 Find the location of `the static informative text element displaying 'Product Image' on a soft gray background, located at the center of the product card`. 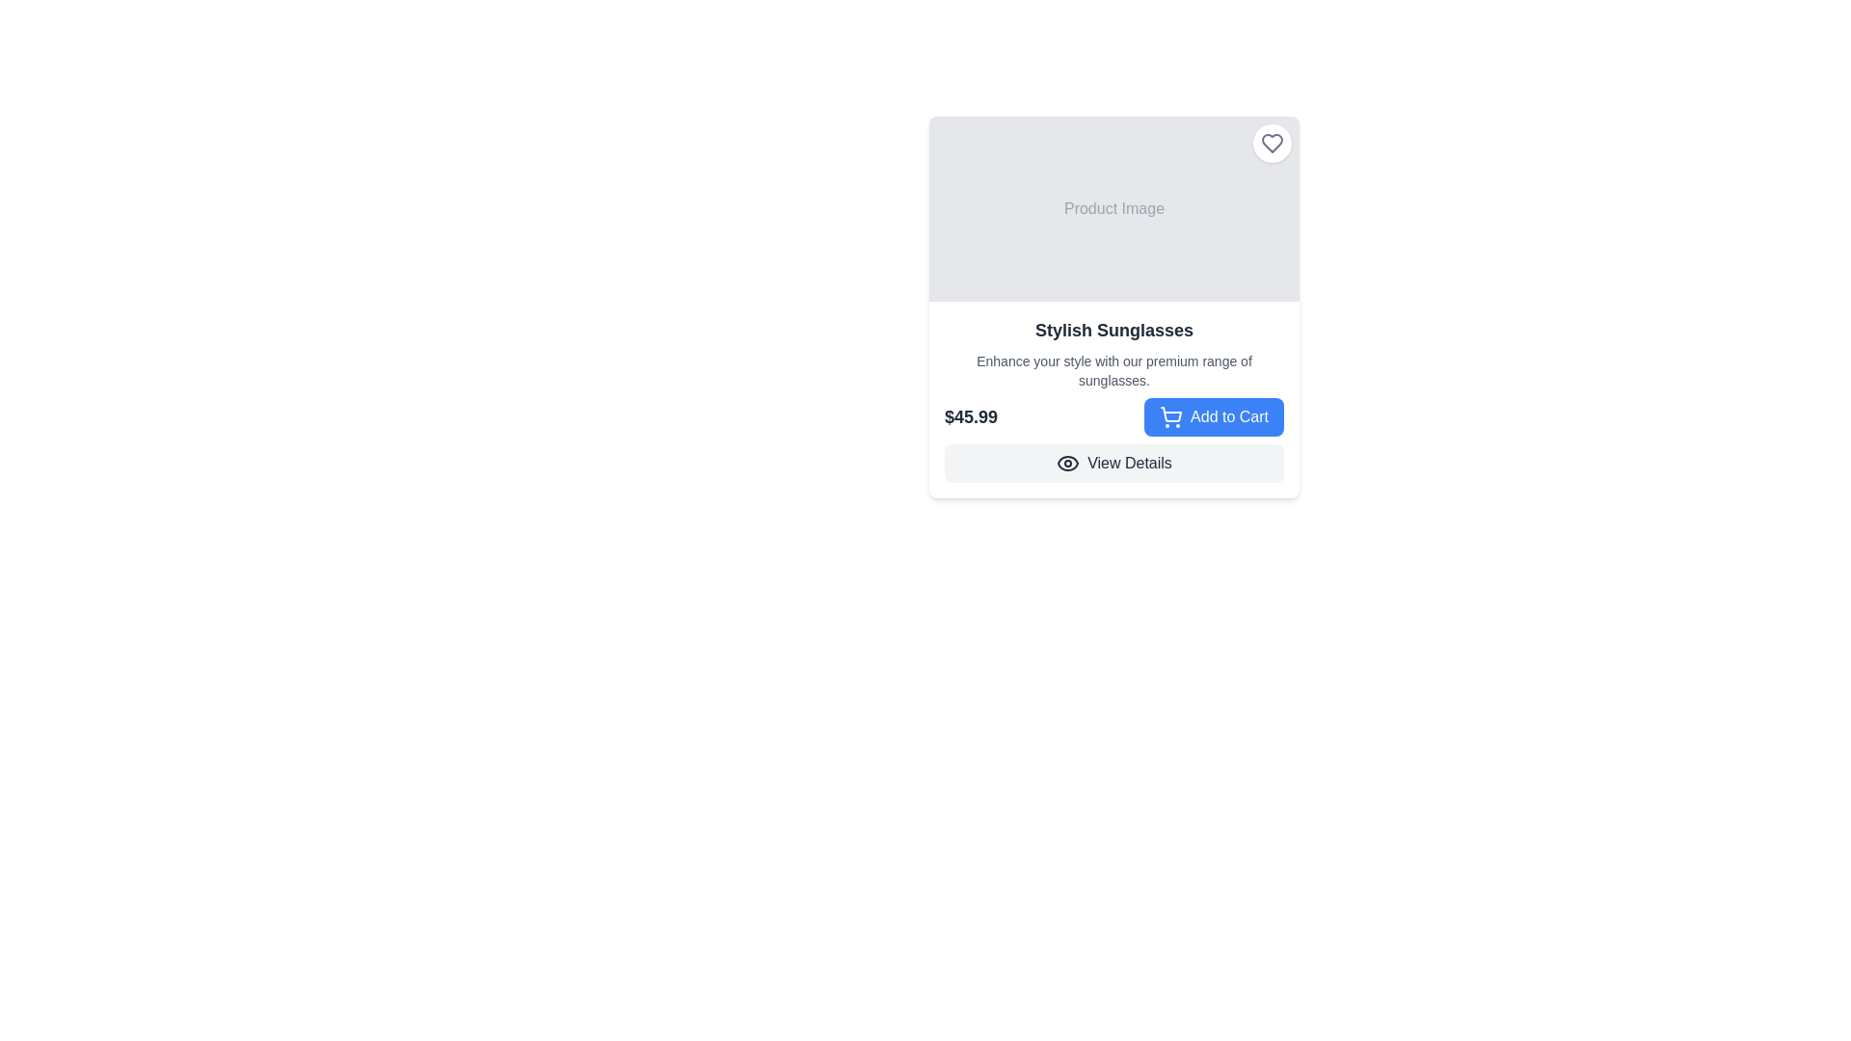

the static informative text element displaying 'Product Image' on a soft gray background, located at the center of the product card is located at coordinates (1114, 208).